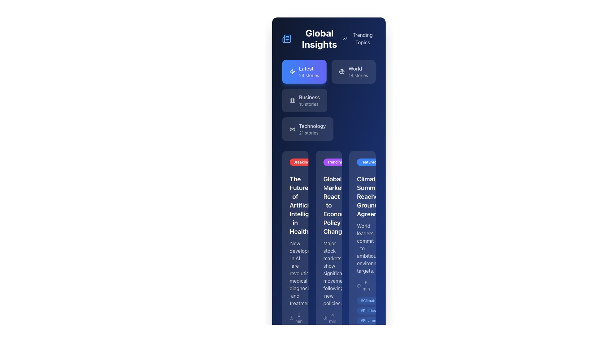 This screenshot has width=600, height=337. What do you see at coordinates (325, 318) in the screenshot?
I see `the circular SVG element with a thin stroke line, located within the clock icon below the title and description of the third featured card` at bounding box center [325, 318].